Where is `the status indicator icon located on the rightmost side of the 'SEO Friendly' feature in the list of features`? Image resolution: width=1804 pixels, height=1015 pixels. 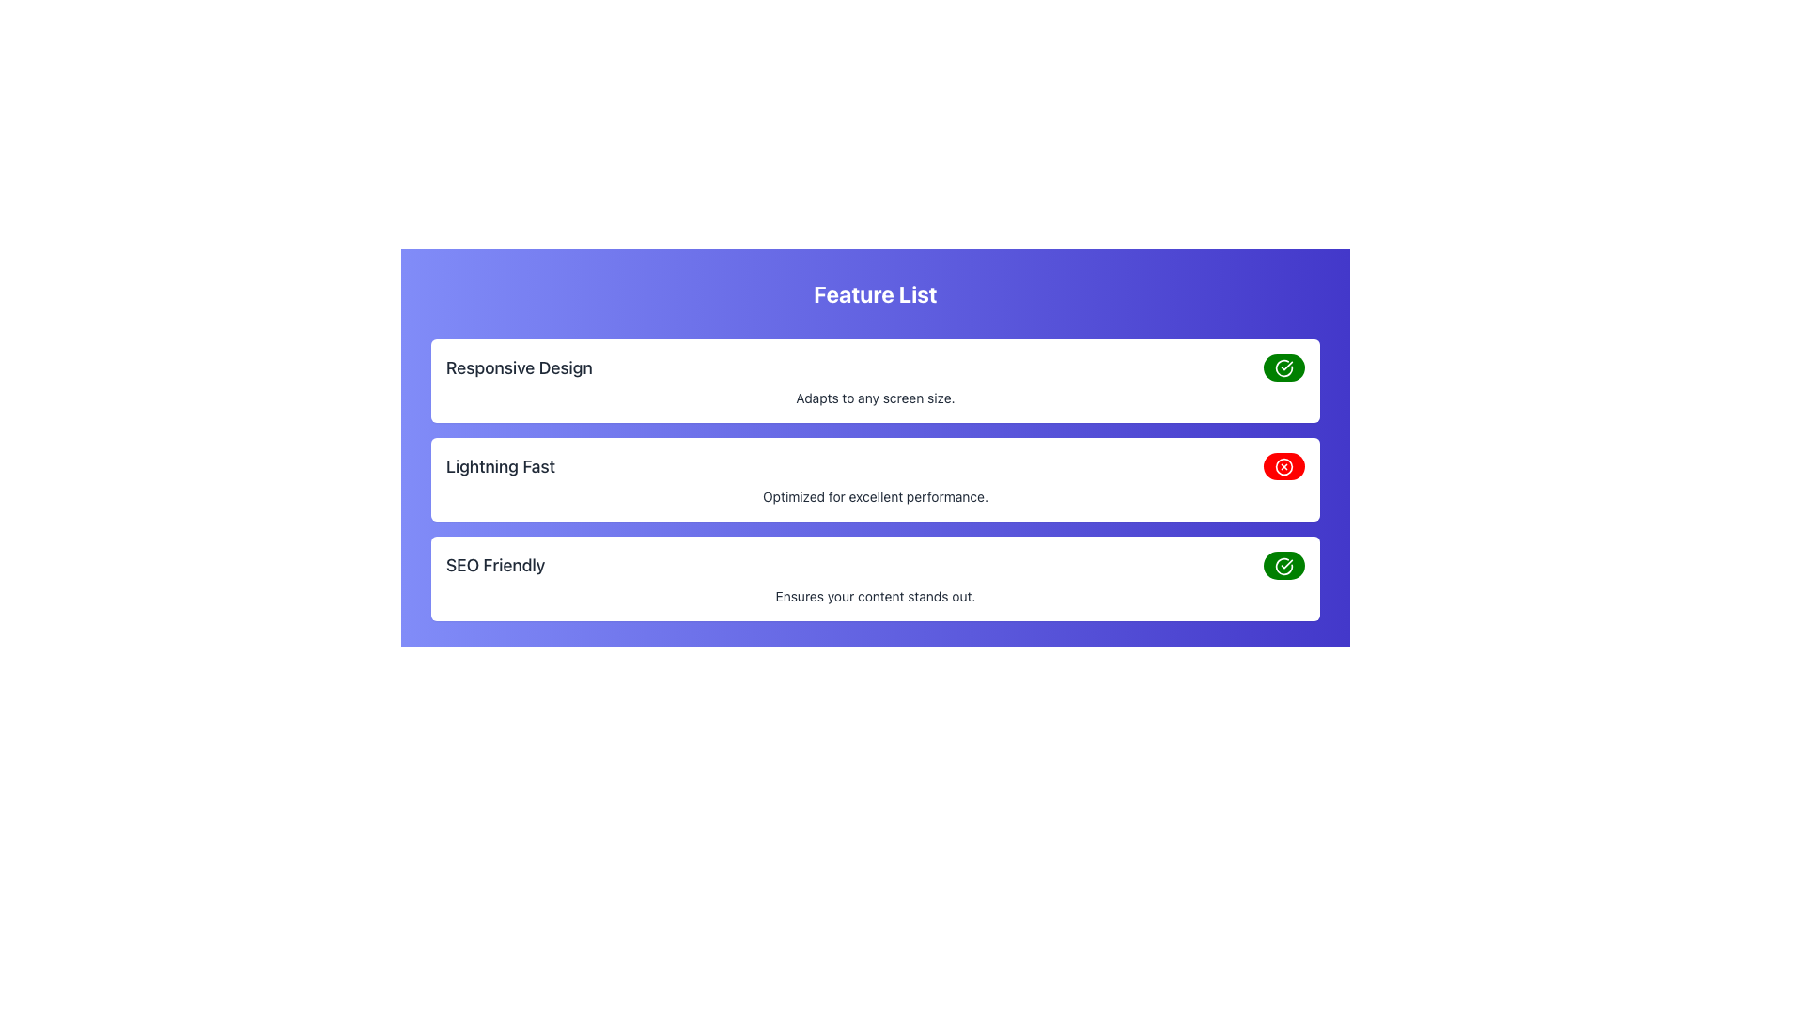 the status indicator icon located on the rightmost side of the 'SEO Friendly' feature in the list of features is located at coordinates (1283, 368).